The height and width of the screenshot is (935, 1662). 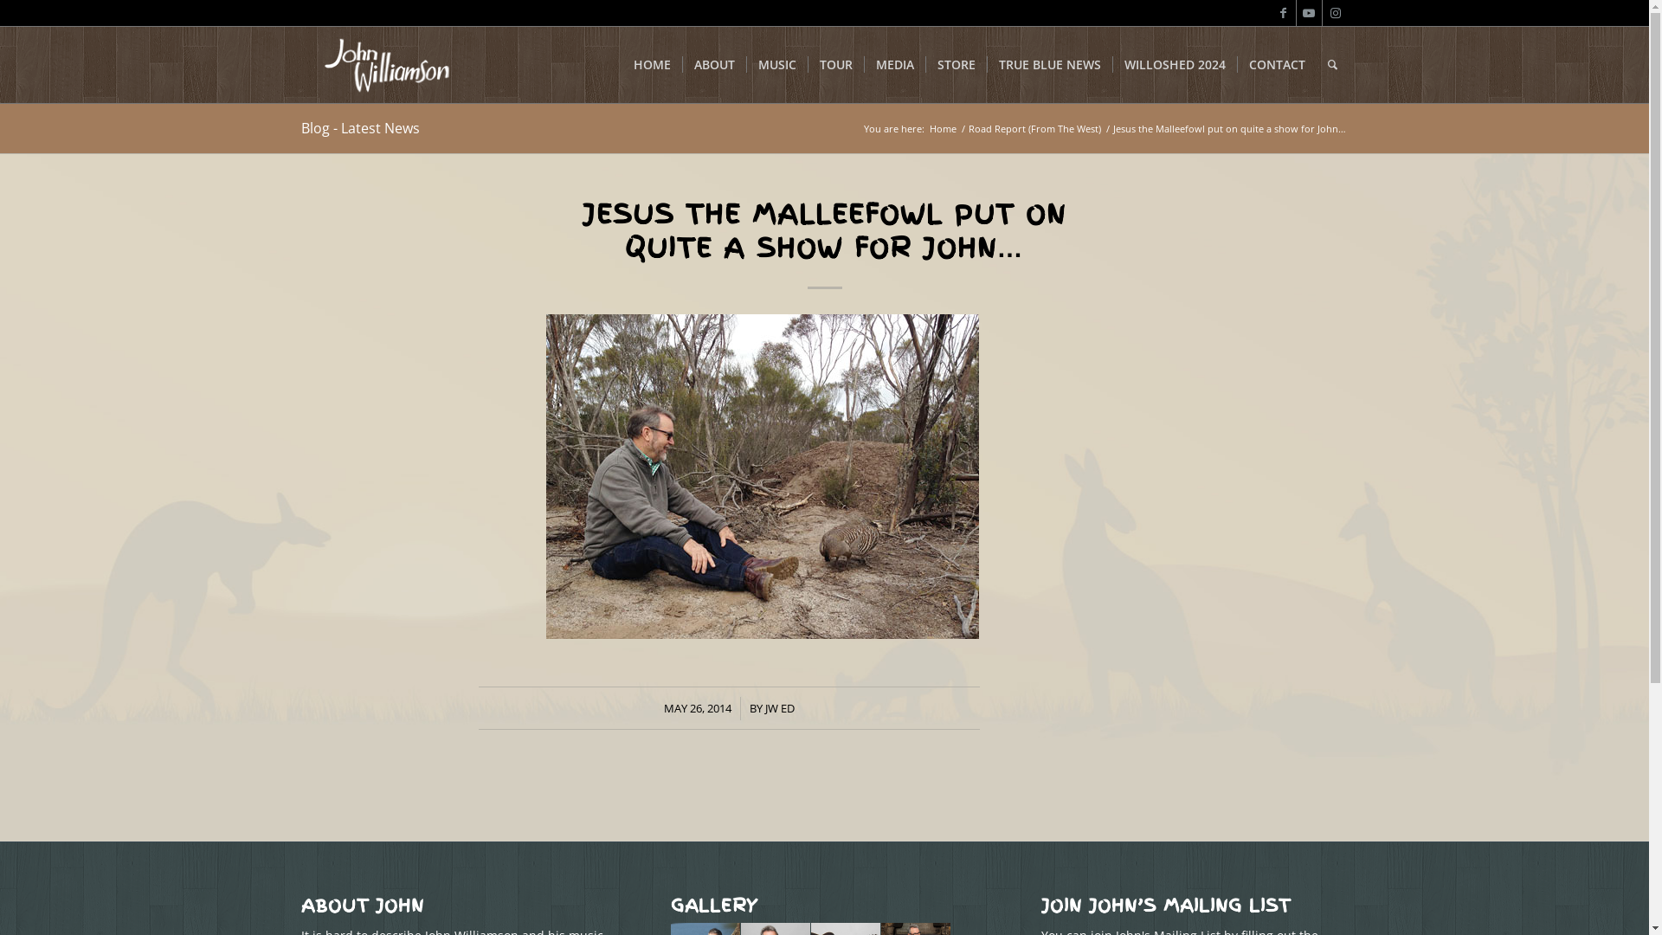 I want to click on 'Blog - Latest News', so click(x=359, y=126).